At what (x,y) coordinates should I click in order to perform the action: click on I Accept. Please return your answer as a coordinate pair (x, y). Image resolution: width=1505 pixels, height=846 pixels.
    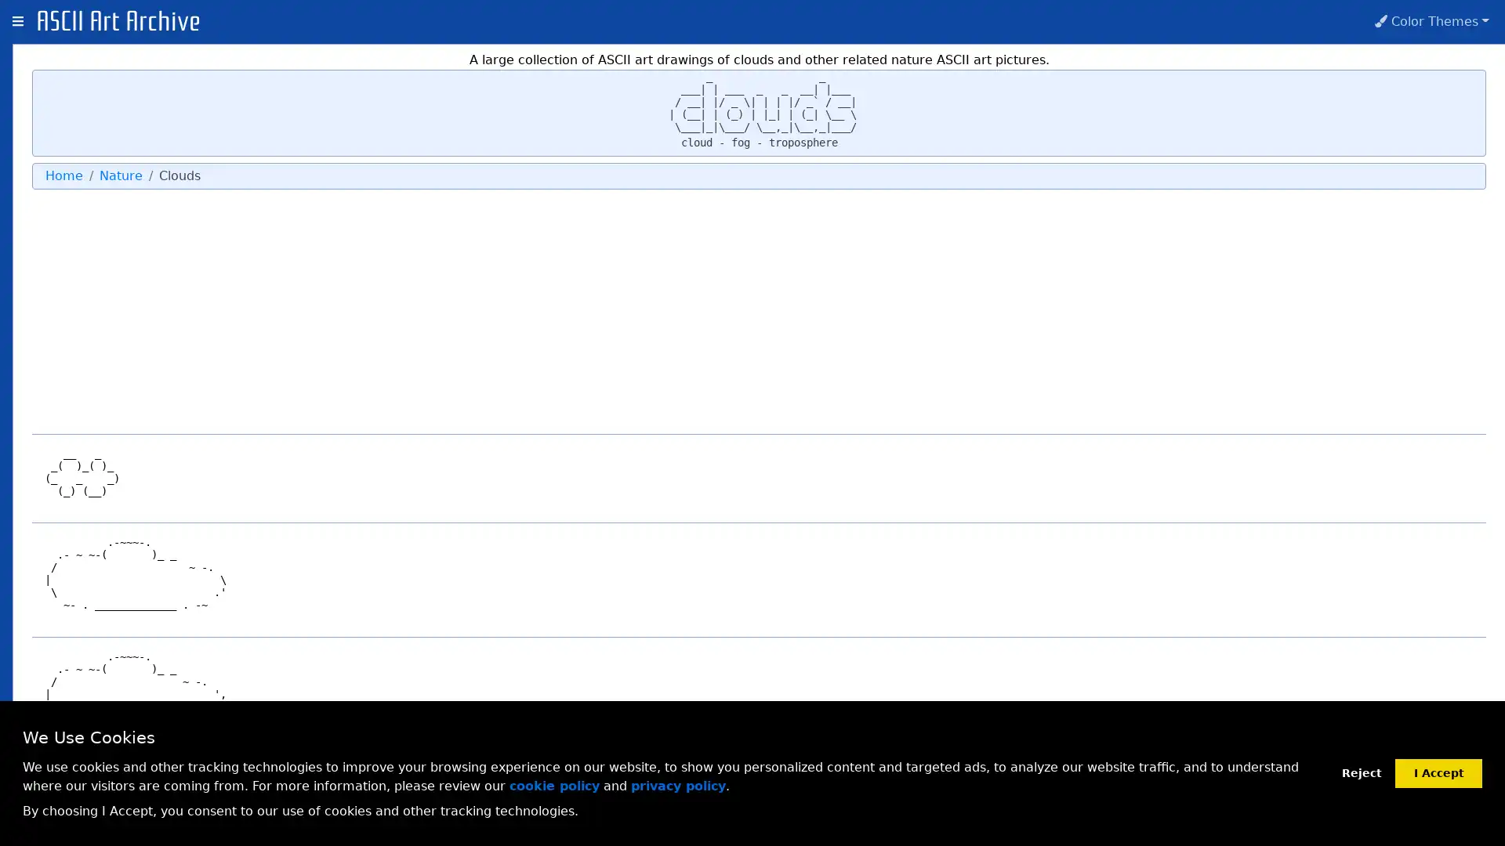
    Looking at the image, I should click on (1438, 772).